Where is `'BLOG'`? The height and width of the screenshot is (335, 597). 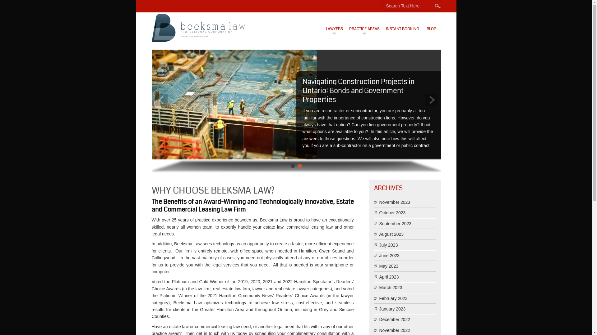
'BLOG' is located at coordinates (423, 25).